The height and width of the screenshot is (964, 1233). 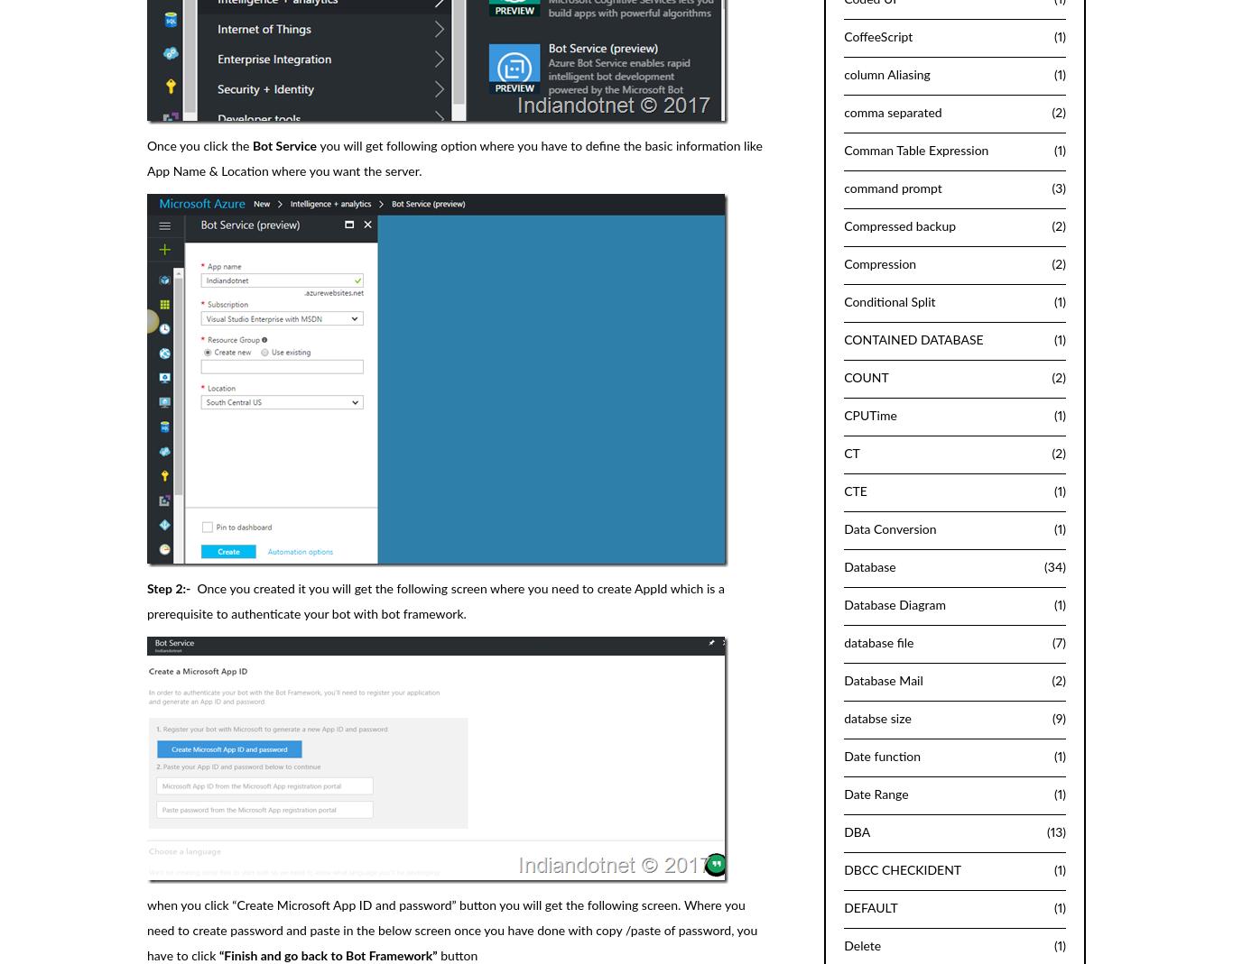 What do you see at coordinates (878, 642) in the screenshot?
I see `'database file'` at bounding box center [878, 642].